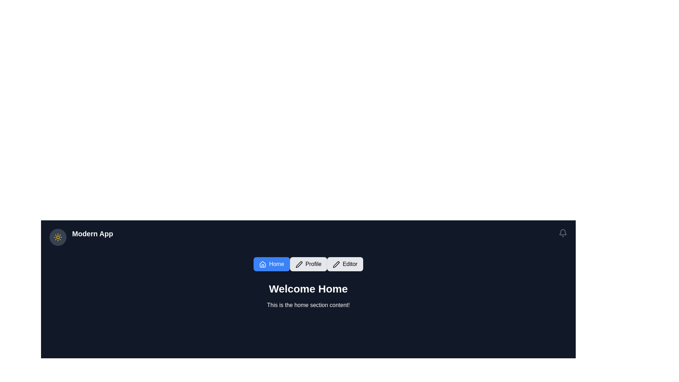  What do you see at coordinates (92, 237) in the screenshot?
I see `the 'Modern App' label located in the top-left area of the interface, which serves as a title or branding for the application` at bounding box center [92, 237].